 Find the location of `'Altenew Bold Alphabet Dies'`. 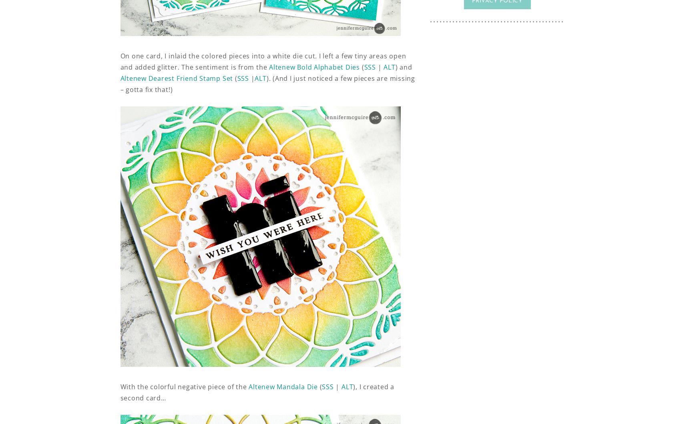

'Altenew Bold Alphabet Dies' is located at coordinates (314, 67).